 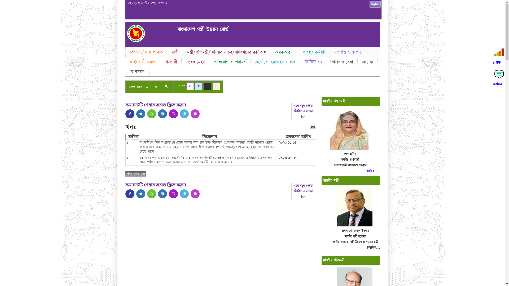 What do you see at coordinates (207, 86) in the screenshot?
I see `'C'` at bounding box center [207, 86].